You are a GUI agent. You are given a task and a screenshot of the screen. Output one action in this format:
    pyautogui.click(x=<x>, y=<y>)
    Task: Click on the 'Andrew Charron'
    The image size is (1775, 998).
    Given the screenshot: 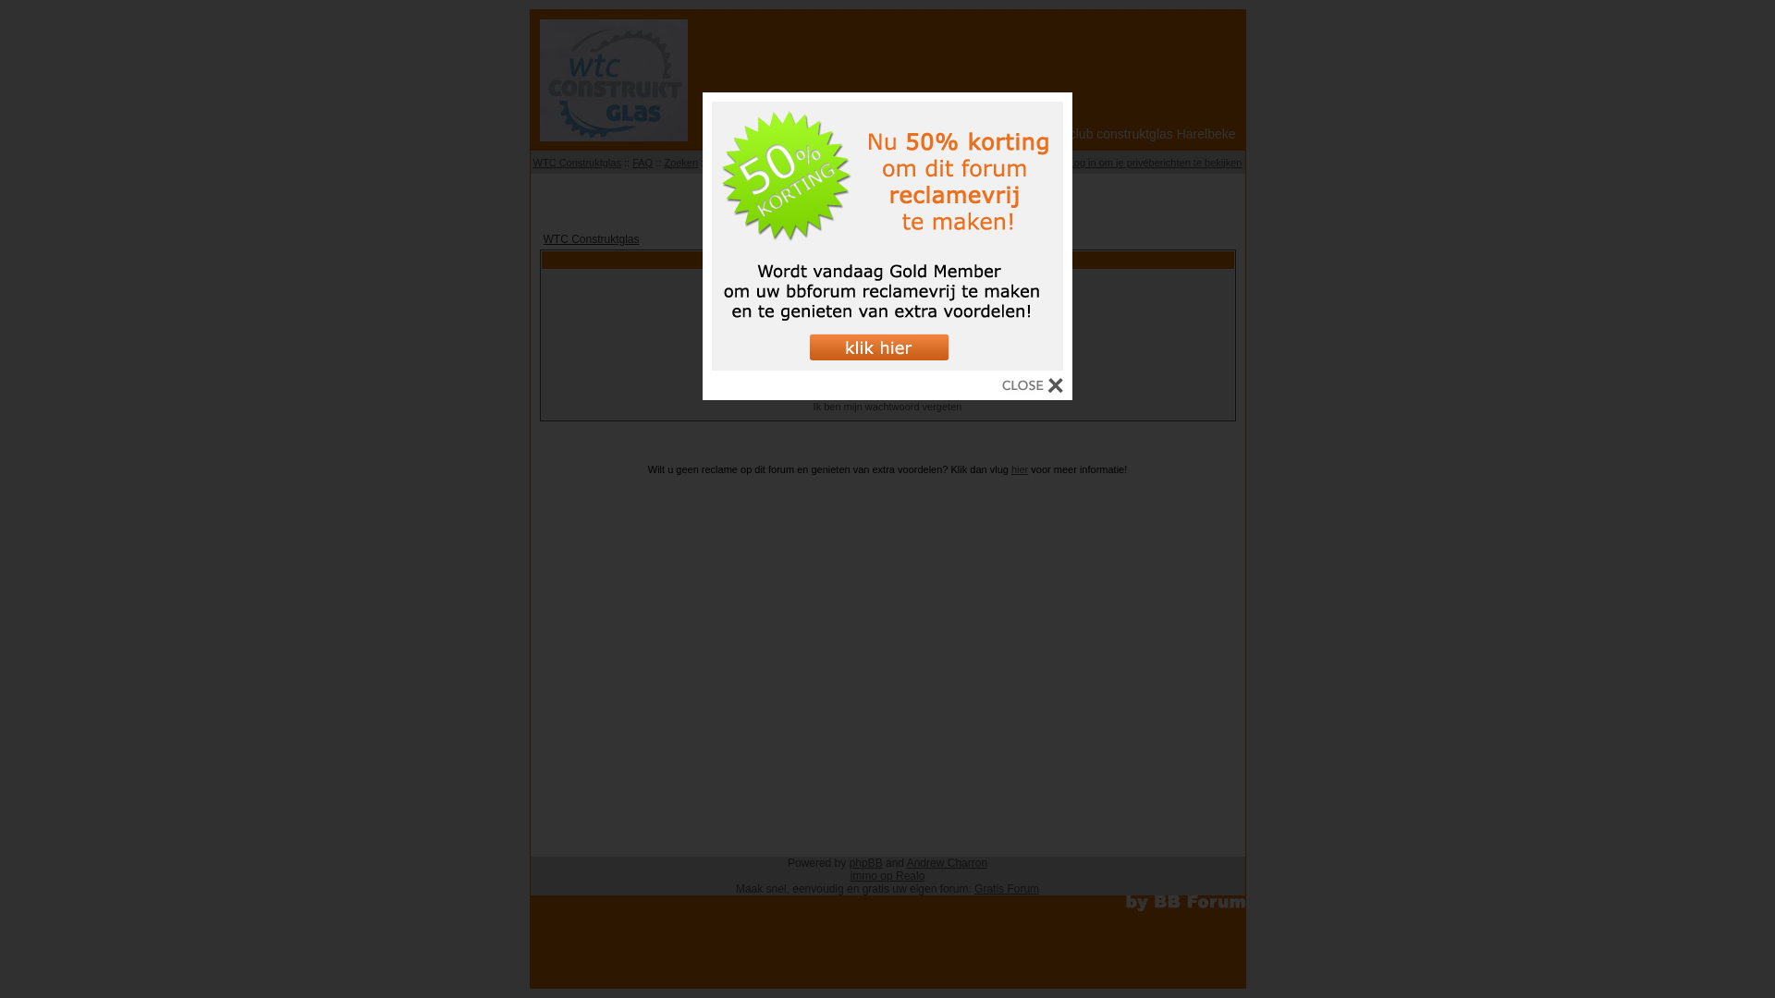 What is the action you would take?
    pyautogui.click(x=947, y=862)
    